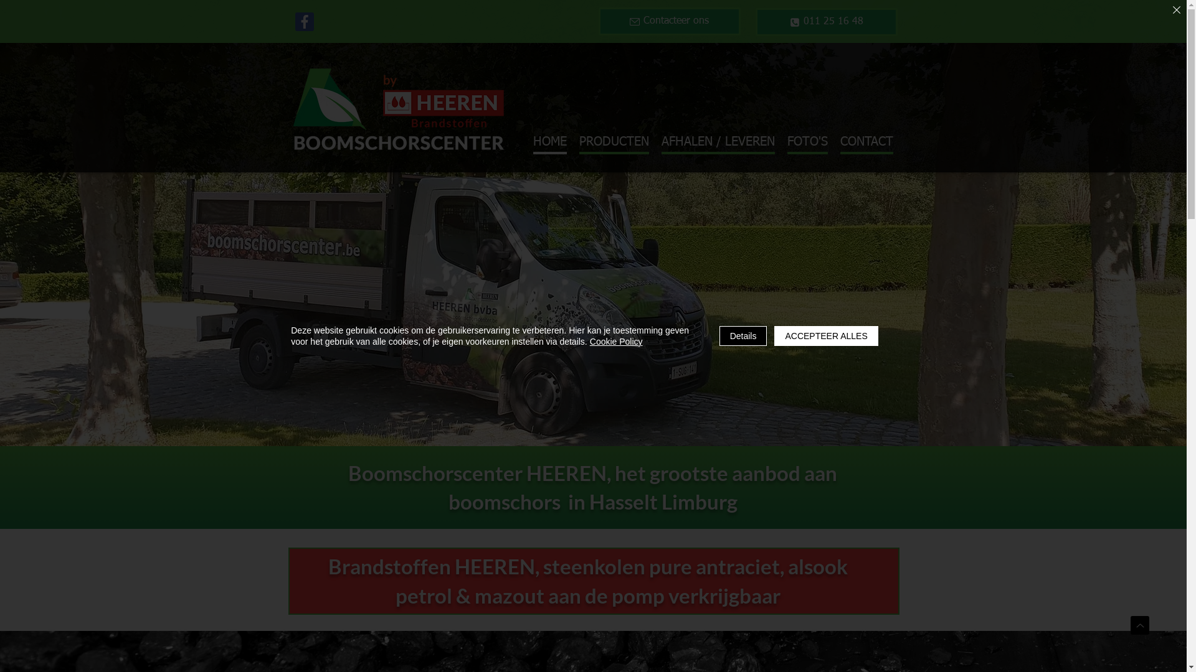 The image size is (1196, 672). I want to click on 'PRODUCTEN', so click(614, 142).